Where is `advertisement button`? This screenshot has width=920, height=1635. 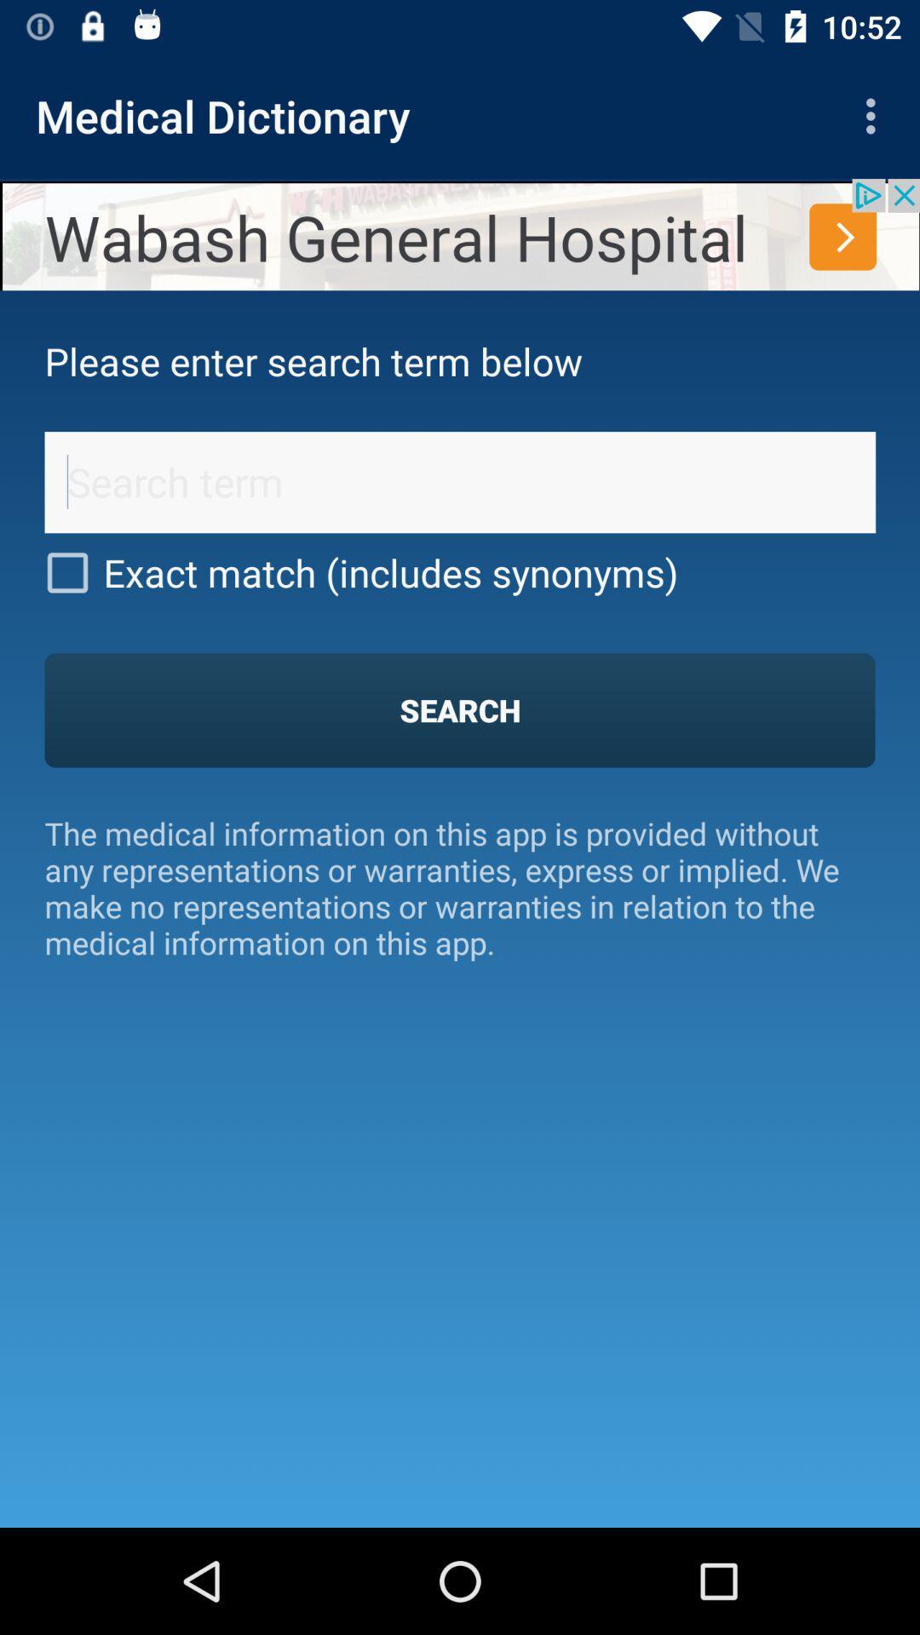 advertisement button is located at coordinates (460, 233).